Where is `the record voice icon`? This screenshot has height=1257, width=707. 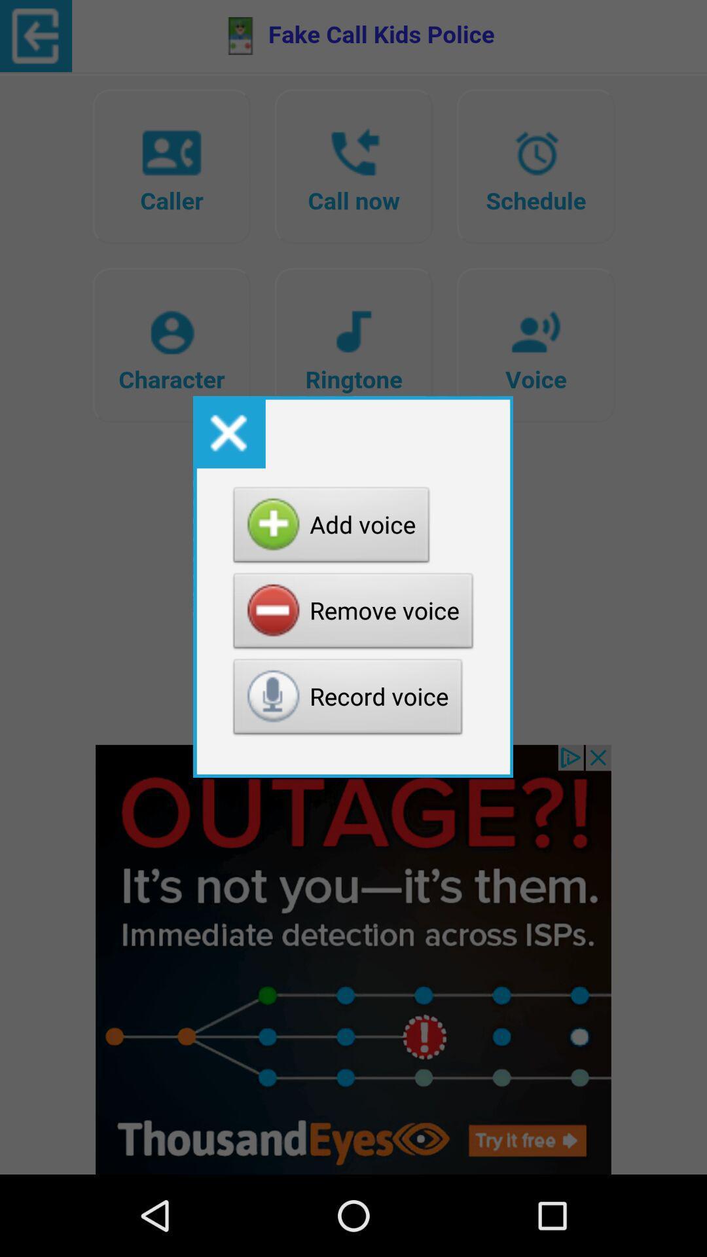 the record voice icon is located at coordinates (347, 699).